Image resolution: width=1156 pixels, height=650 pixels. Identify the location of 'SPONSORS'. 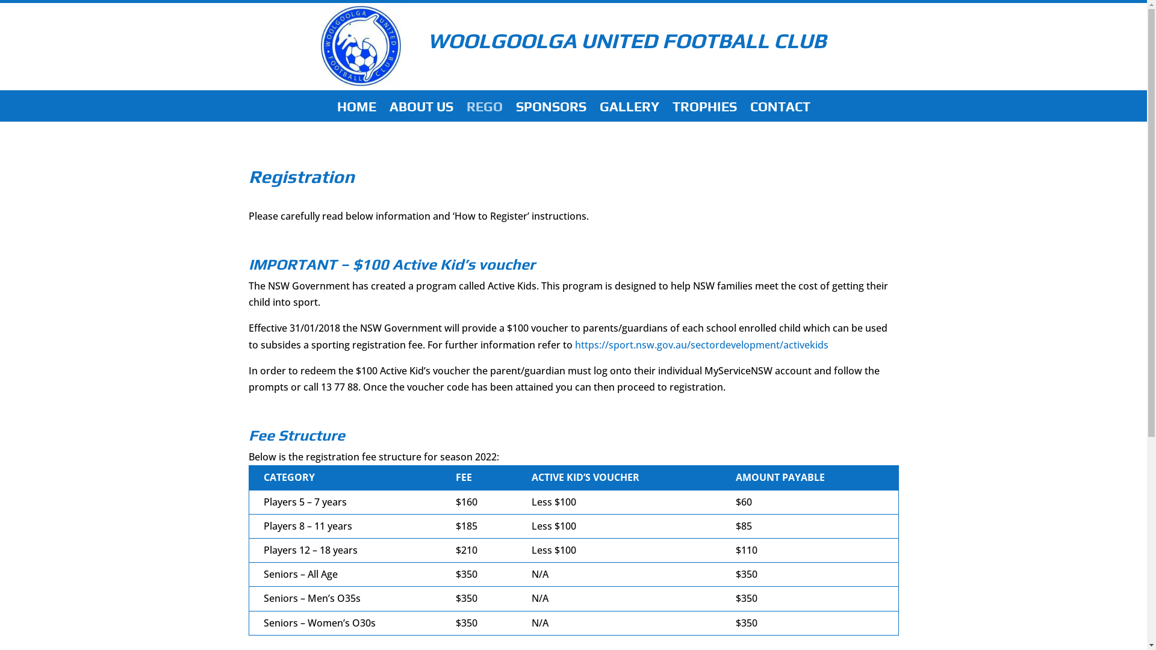
(550, 111).